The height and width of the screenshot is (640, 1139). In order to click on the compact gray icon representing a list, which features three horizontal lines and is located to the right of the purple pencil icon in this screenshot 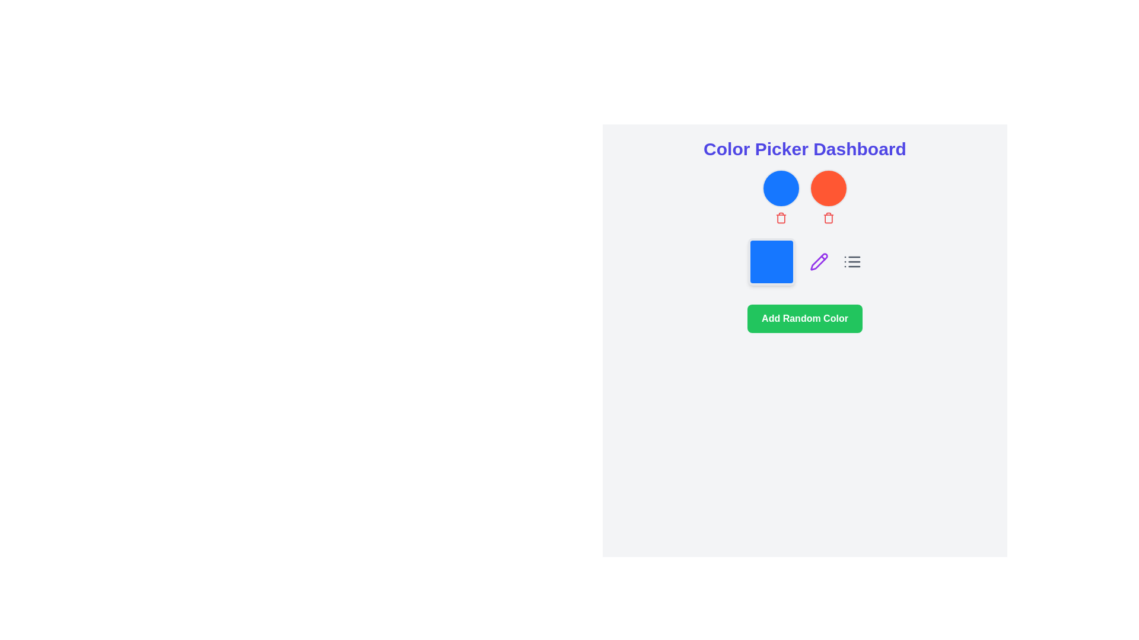, I will do `click(851, 261)`.